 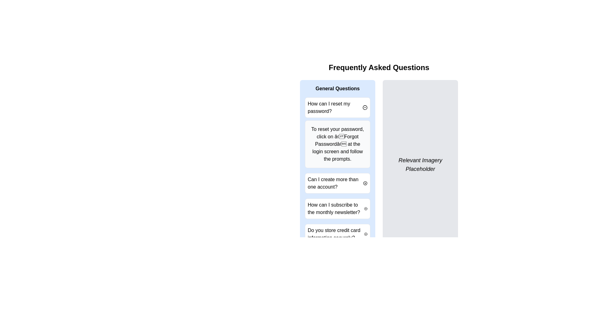 I want to click on the Collapsible question header containing 'How can I reset my password?', so click(x=337, y=107).